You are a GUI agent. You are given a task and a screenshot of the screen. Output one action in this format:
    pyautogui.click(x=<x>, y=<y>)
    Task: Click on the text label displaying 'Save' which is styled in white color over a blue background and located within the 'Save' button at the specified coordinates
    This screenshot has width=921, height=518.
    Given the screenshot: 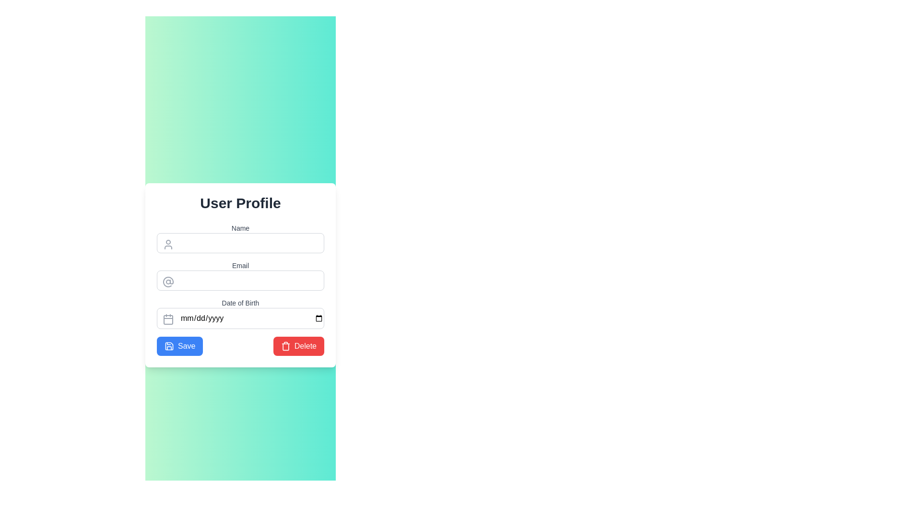 What is the action you would take?
    pyautogui.click(x=187, y=346)
    